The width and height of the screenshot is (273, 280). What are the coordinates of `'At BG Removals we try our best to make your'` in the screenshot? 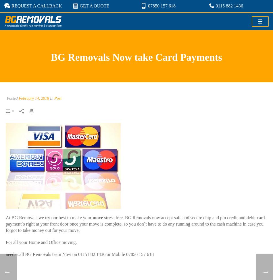 It's located at (49, 218).